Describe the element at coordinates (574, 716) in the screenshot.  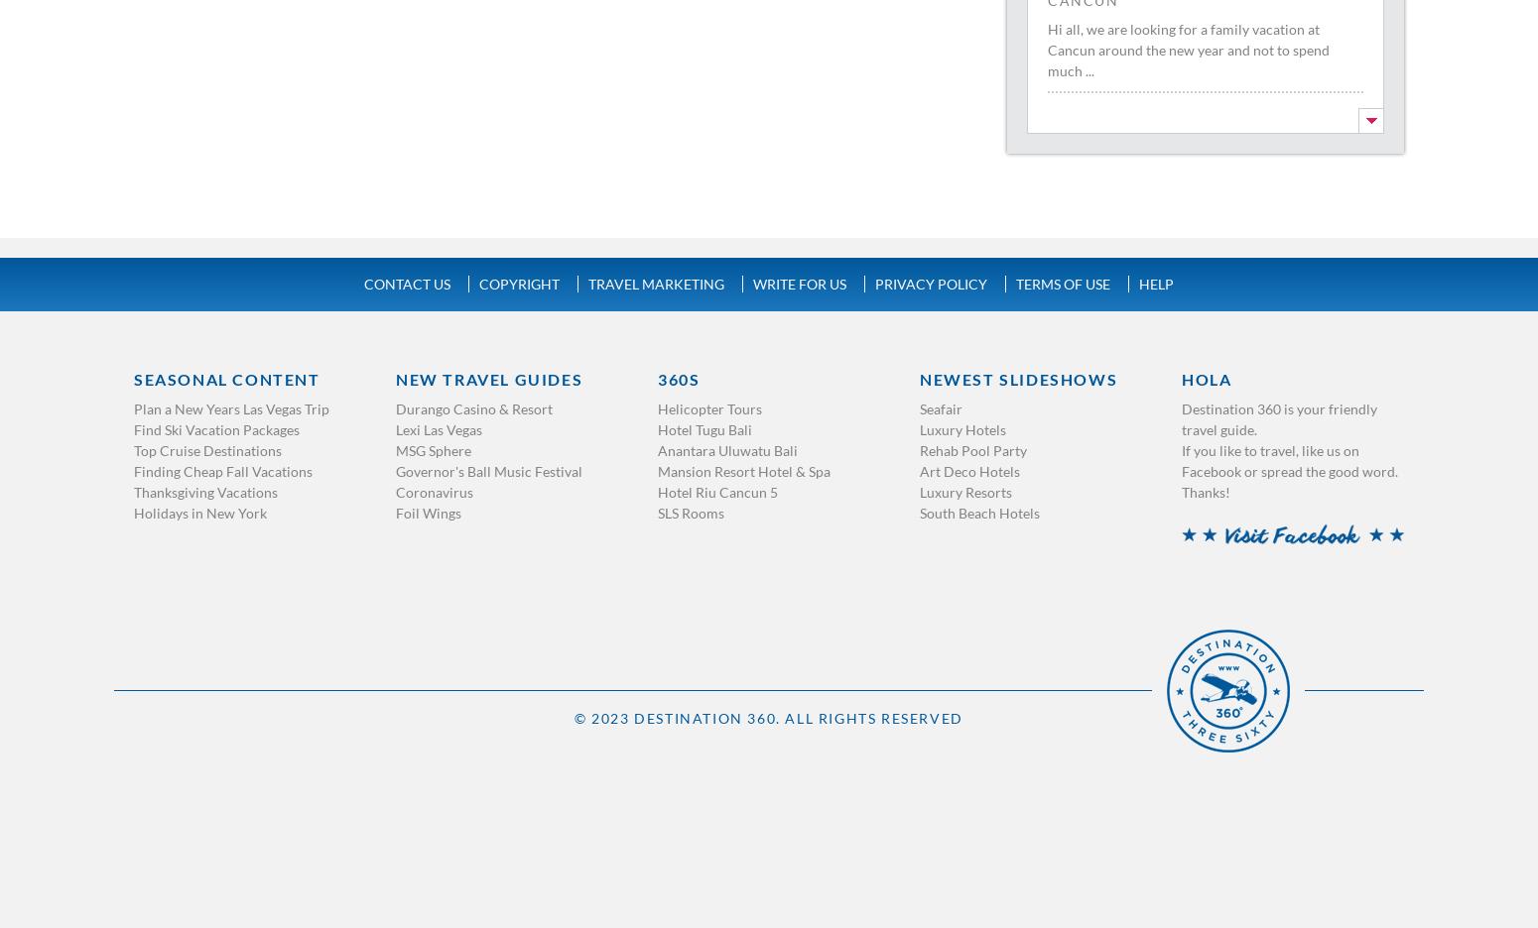
I see `'©
2023
Destination 360. All Rights Reserved'` at that location.